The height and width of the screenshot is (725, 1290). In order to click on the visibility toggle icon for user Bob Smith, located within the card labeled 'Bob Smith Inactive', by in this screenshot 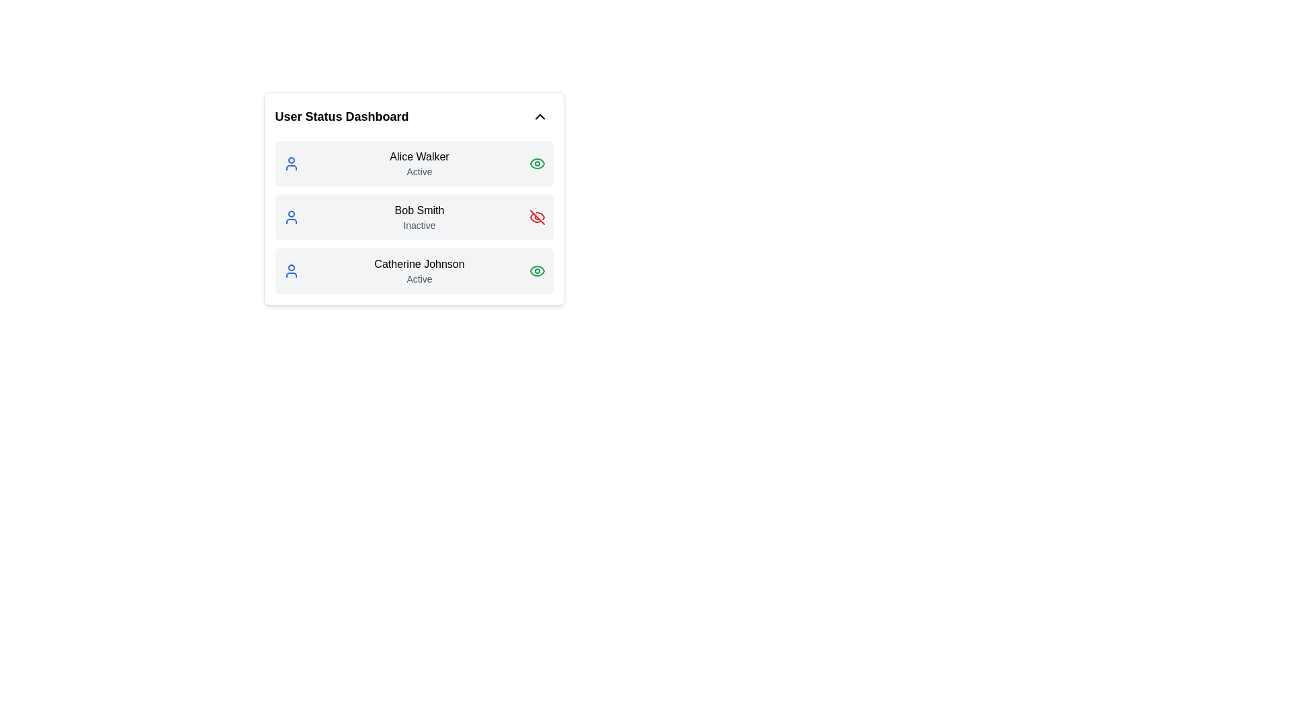, I will do `click(536, 217)`.